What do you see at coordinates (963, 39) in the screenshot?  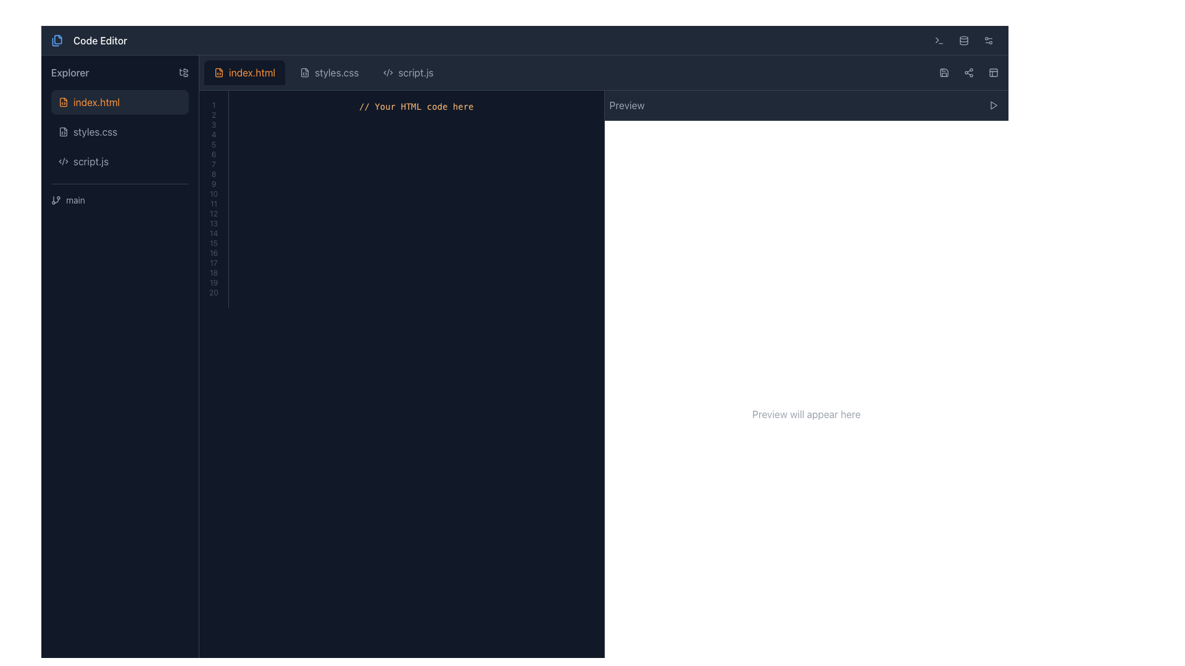 I see `the button located` at bounding box center [963, 39].